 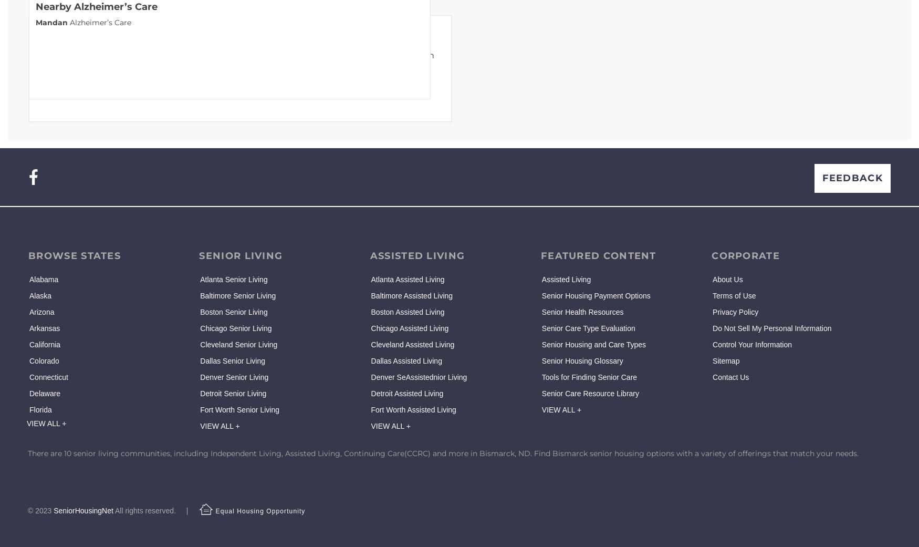 I want to click on 'Terms of Use', so click(x=734, y=295).